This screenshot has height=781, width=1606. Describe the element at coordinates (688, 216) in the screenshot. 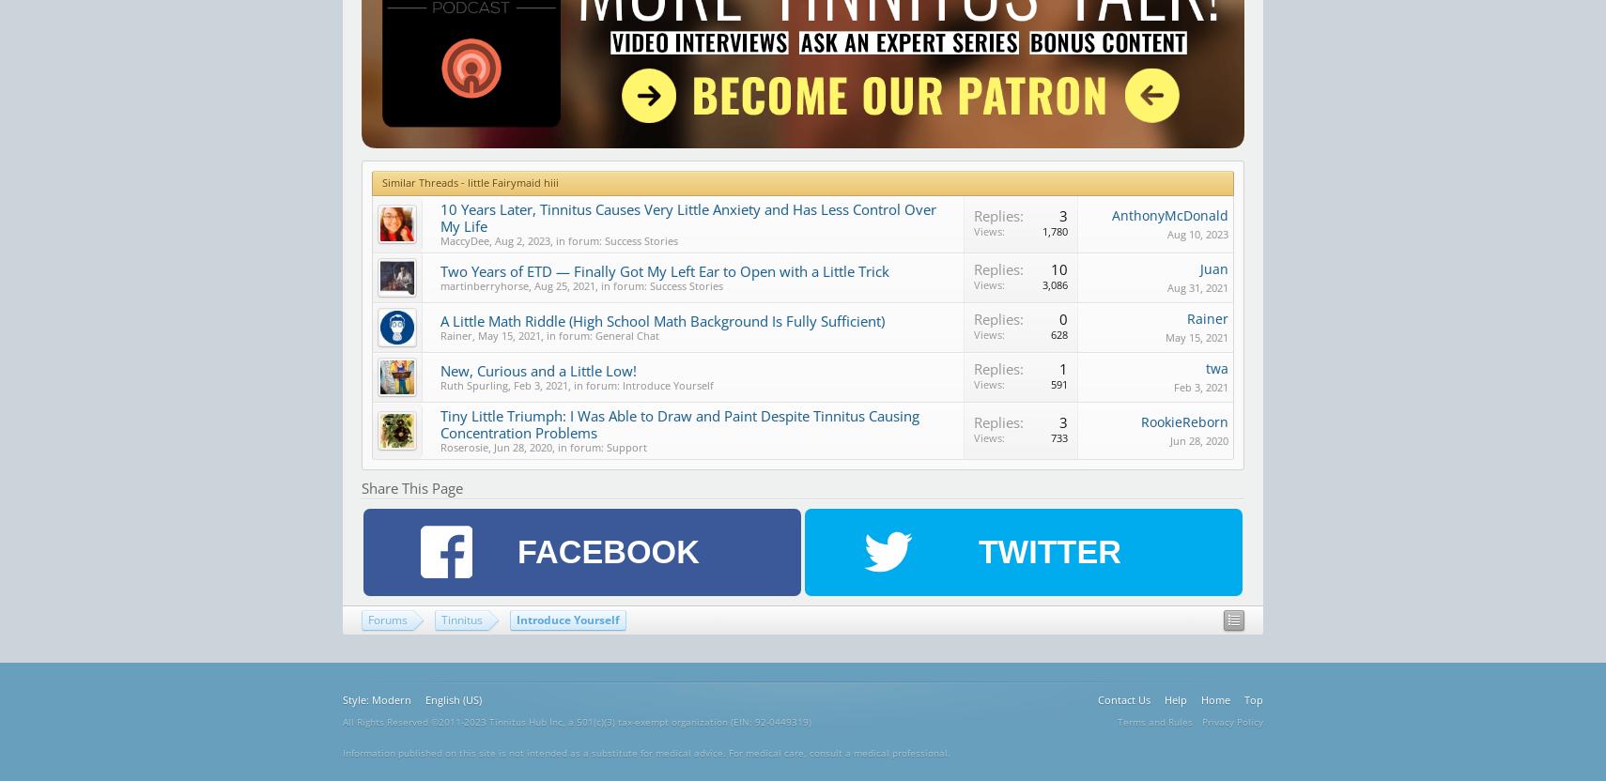

I see `'10 Years Later, Tinnitus Causes Very Little Anxiety and Has Less Control Over My Life'` at that location.